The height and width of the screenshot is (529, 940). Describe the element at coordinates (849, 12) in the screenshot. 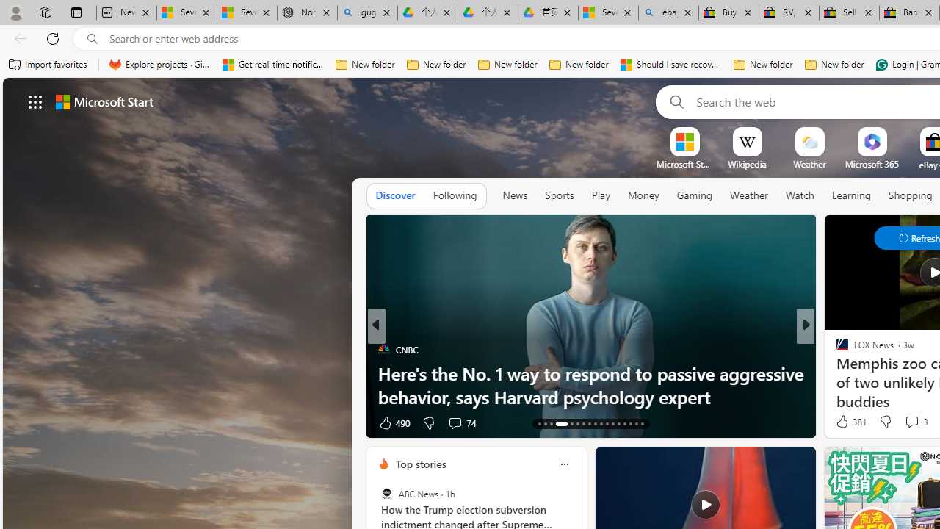

I see `'Sell worldwide with eBay'` at that location.